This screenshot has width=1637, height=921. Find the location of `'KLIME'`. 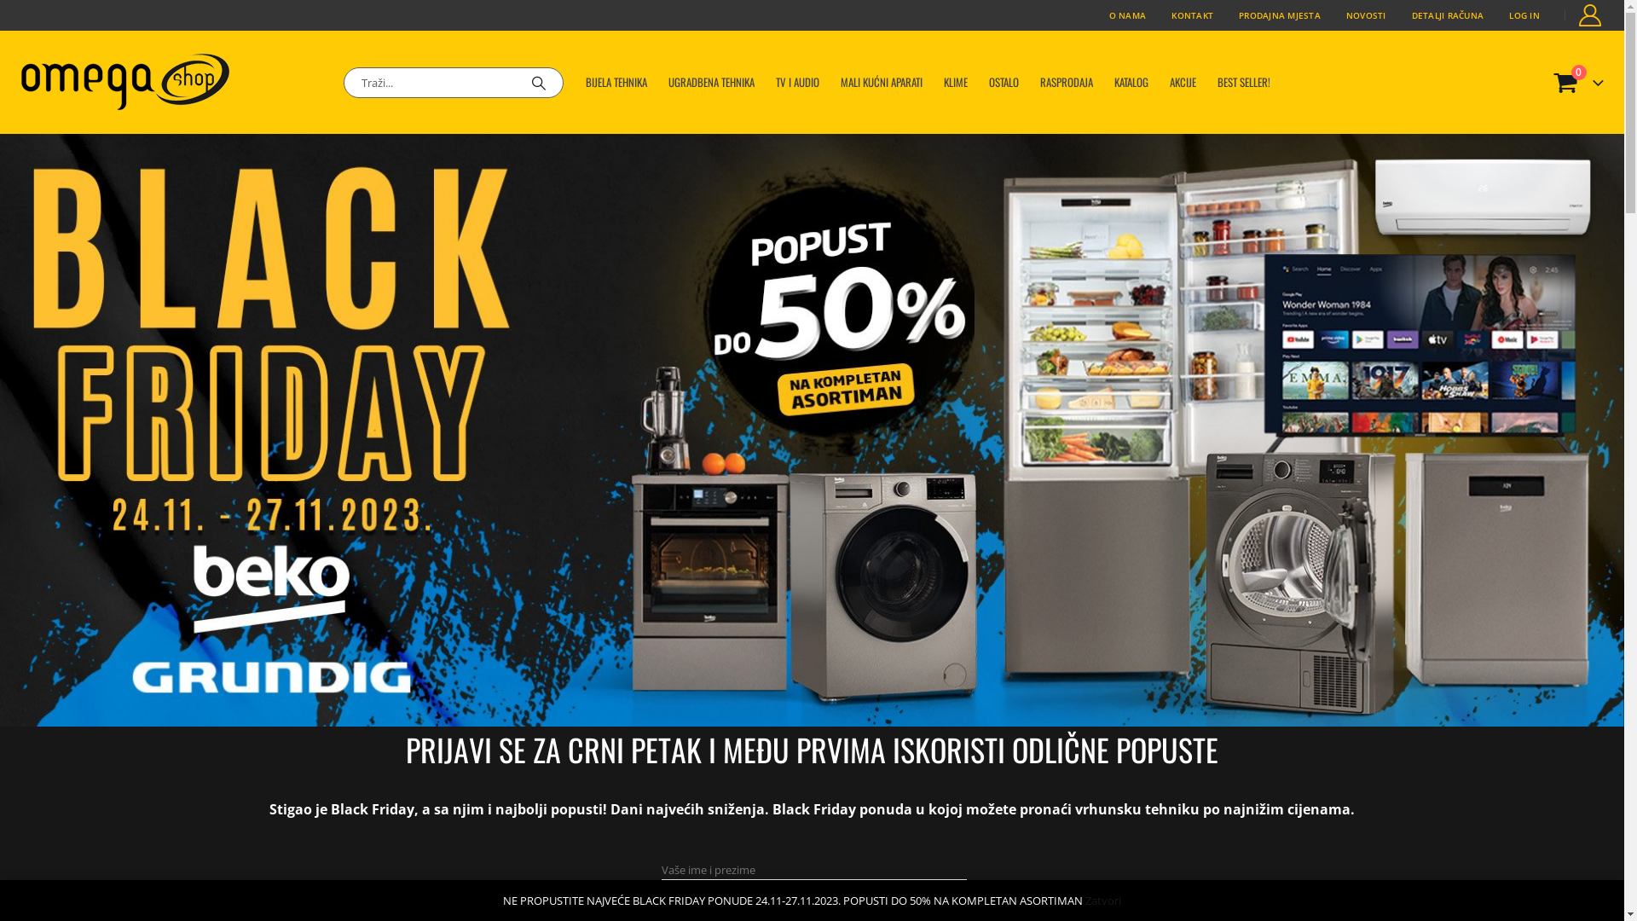

'KLIME' is located at coordinates (956, 82).